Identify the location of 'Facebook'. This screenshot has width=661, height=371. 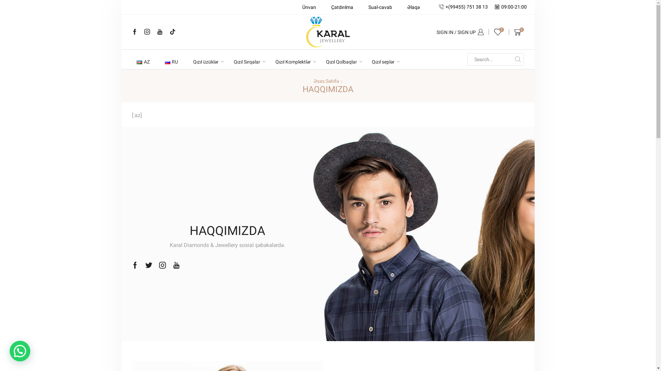
(135, 265).